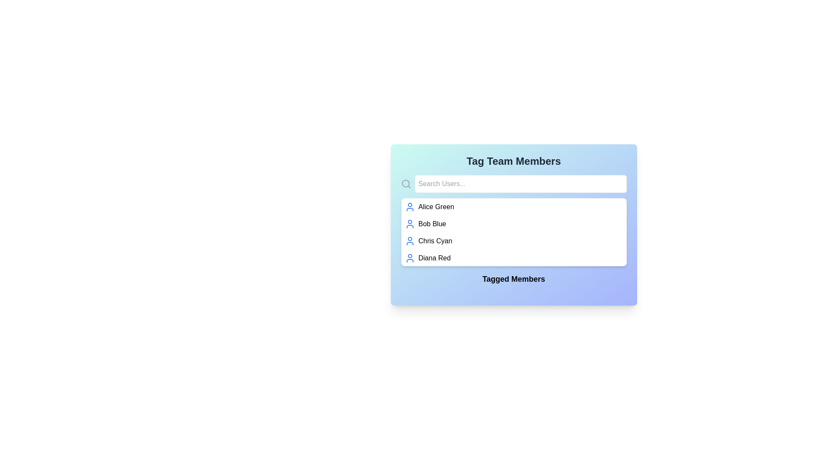  I want to click on the 'Tag Team Members' static label, which features bold, large dark gray text at the top of a rounded rectangle card with a gradient background, so click(513, 161).